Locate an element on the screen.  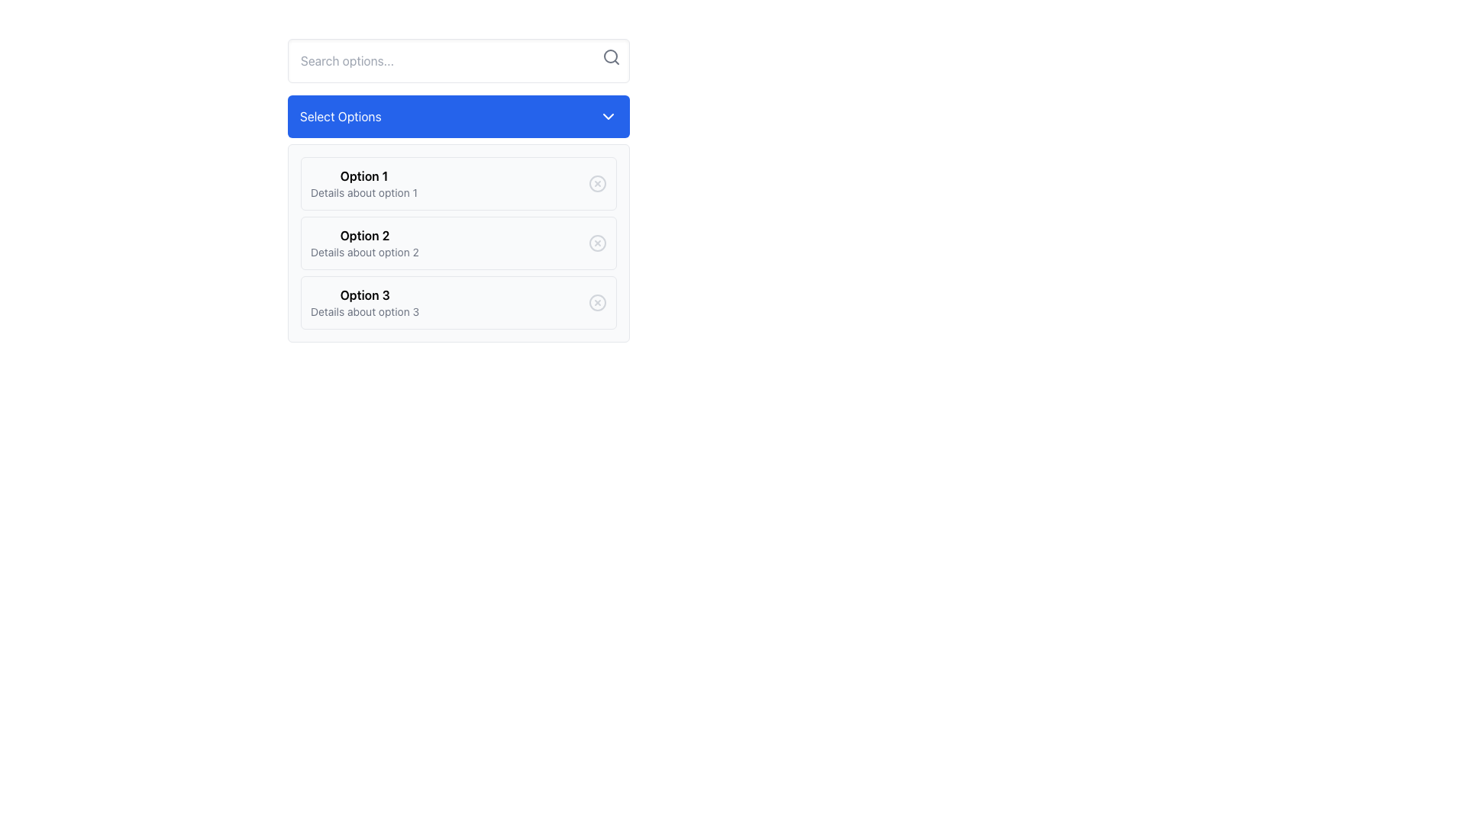
the magnifying glass icon located in the top-right corner of the search input field is located at coordinates (612, 56).